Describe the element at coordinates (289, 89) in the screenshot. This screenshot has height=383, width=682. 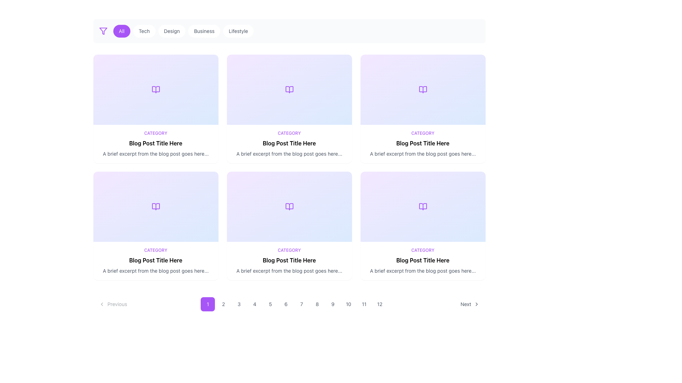
I see `the open book icon located in the second card of the first row` at that location.